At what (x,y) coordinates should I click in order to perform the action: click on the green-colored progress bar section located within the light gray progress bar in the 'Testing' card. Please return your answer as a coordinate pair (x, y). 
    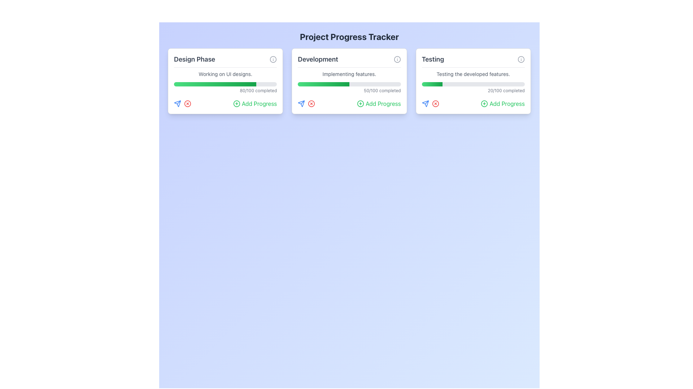
    Looking at the image, I should click on (432, 84).